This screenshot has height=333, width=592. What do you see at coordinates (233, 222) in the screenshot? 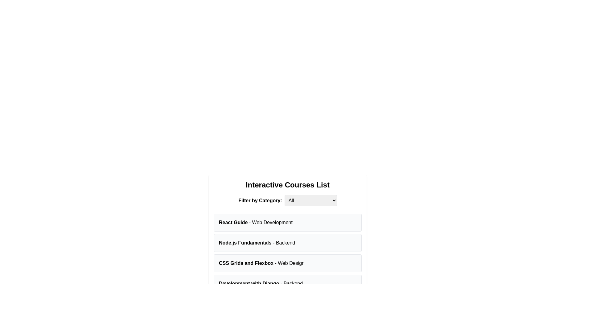
I see `the text label indicating the course name 'React Guide' in the 'Interactive Courses List' section` at bounding box center [233, 222].